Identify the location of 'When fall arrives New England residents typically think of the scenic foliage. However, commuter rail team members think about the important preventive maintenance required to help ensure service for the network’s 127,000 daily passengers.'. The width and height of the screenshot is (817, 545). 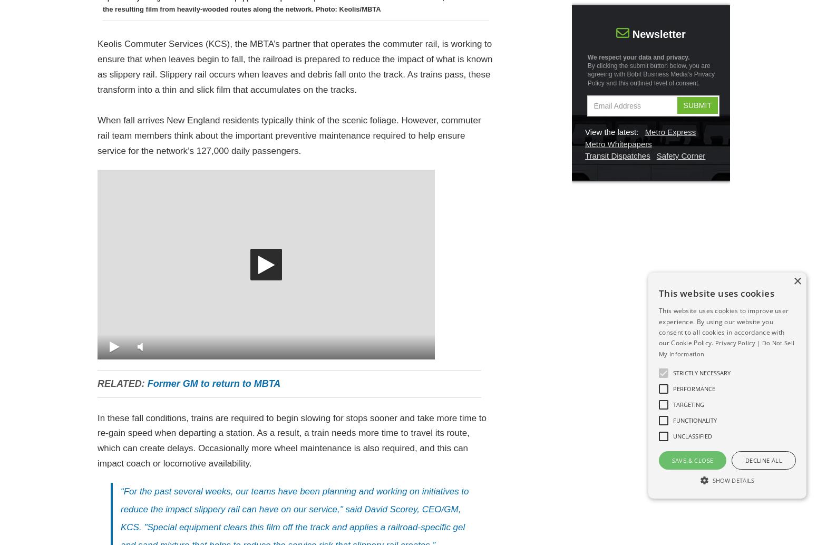
(289, 135).